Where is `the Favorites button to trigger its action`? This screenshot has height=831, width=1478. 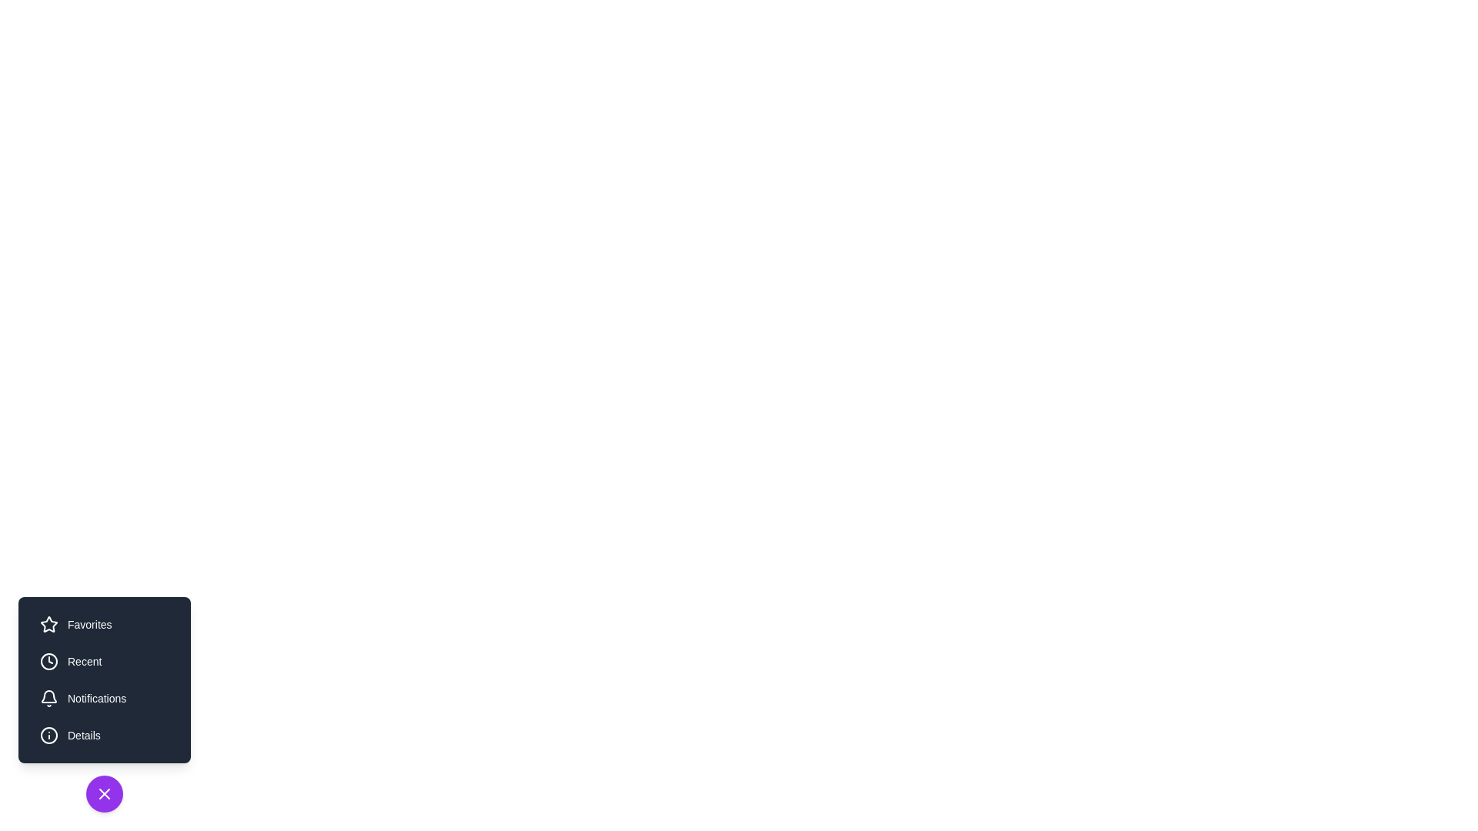 the Favorites button to trigger its action is located at coordinates (103, 625).